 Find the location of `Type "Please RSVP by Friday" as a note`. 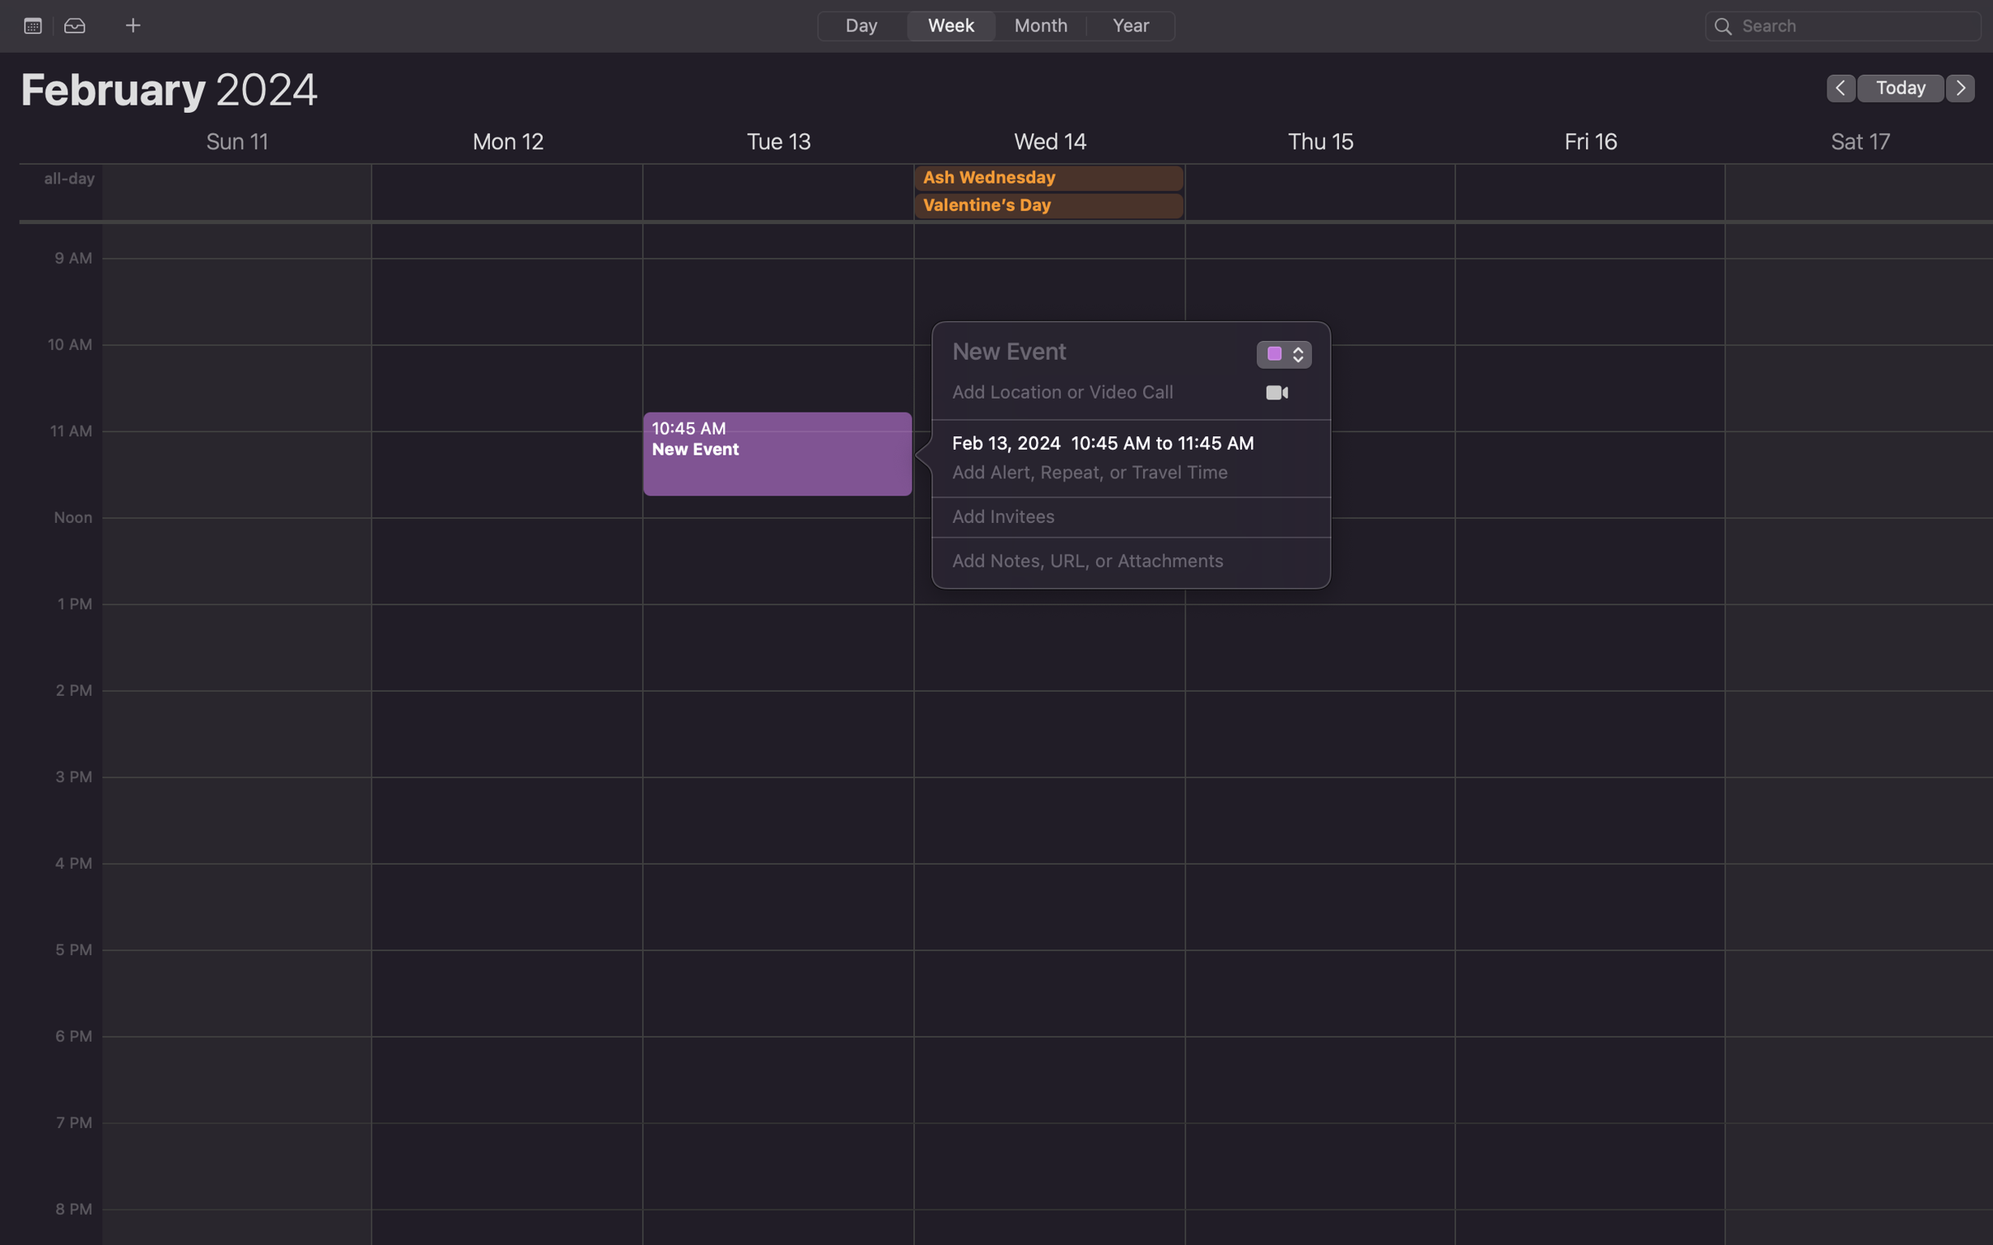

Type "Please RSVP by Friday" as a note is located at coordinates (1113, 562).